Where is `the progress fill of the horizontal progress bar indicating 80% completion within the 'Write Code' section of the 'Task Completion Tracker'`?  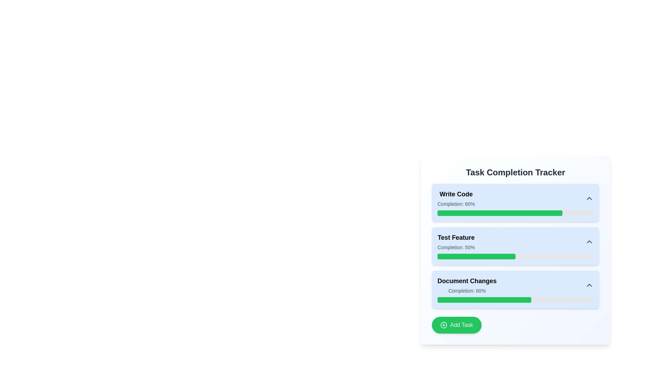
the progress fill of the horizontal progress bar indicating 80% completion within the 'Write Code' section of the 'Task Completion Tracker' is located at coordinates (516, 213).